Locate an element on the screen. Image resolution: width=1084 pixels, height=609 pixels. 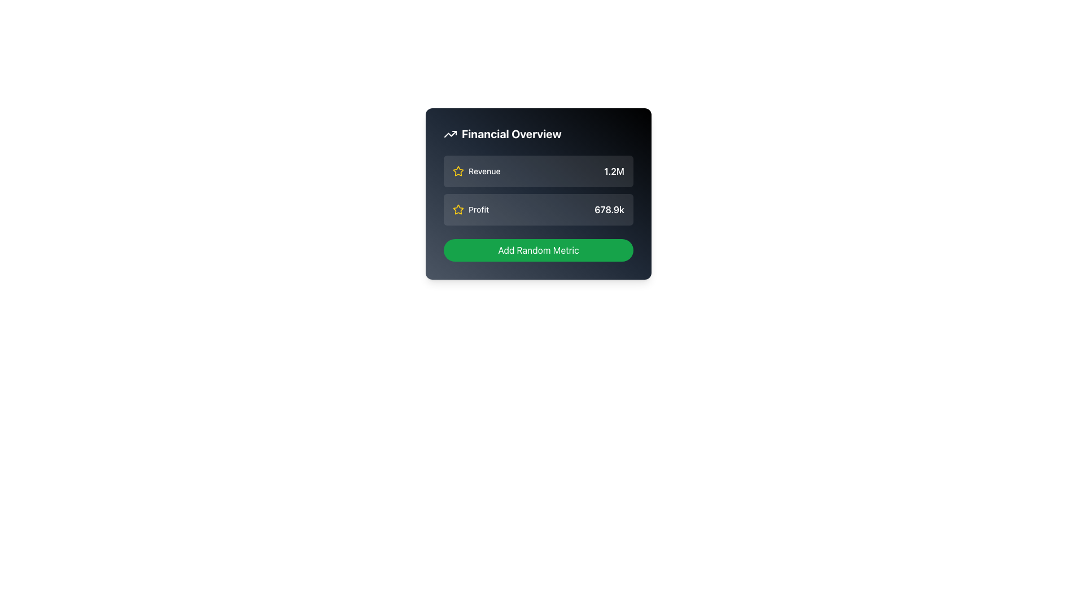
the star-shaped icon outlined in yellow, located at the leftmost position in the 'Revenue' row, to indicate its importance is located at coordinates (458, 171).